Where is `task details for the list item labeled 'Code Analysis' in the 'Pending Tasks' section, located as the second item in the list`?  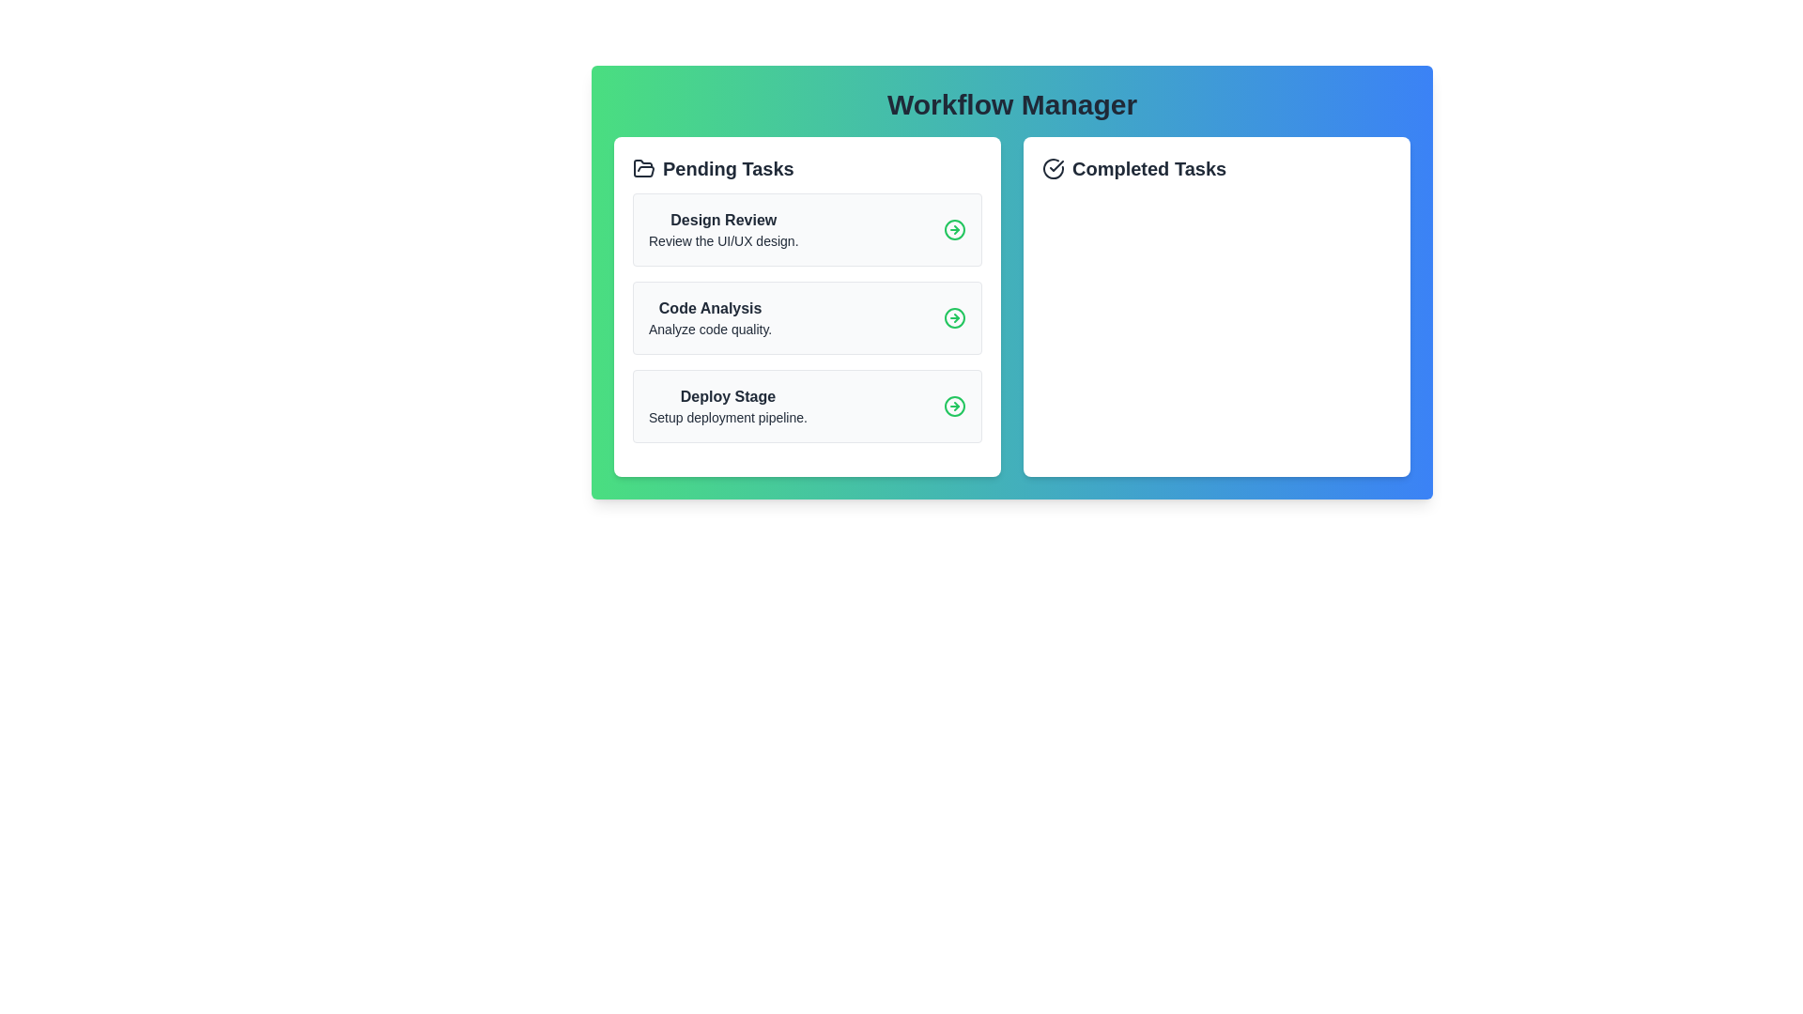
task details for the list item labeled 'Code Analysis' in the 'Pending Tasks' section, located as the second item in the list is located at coordinates (807, 317).